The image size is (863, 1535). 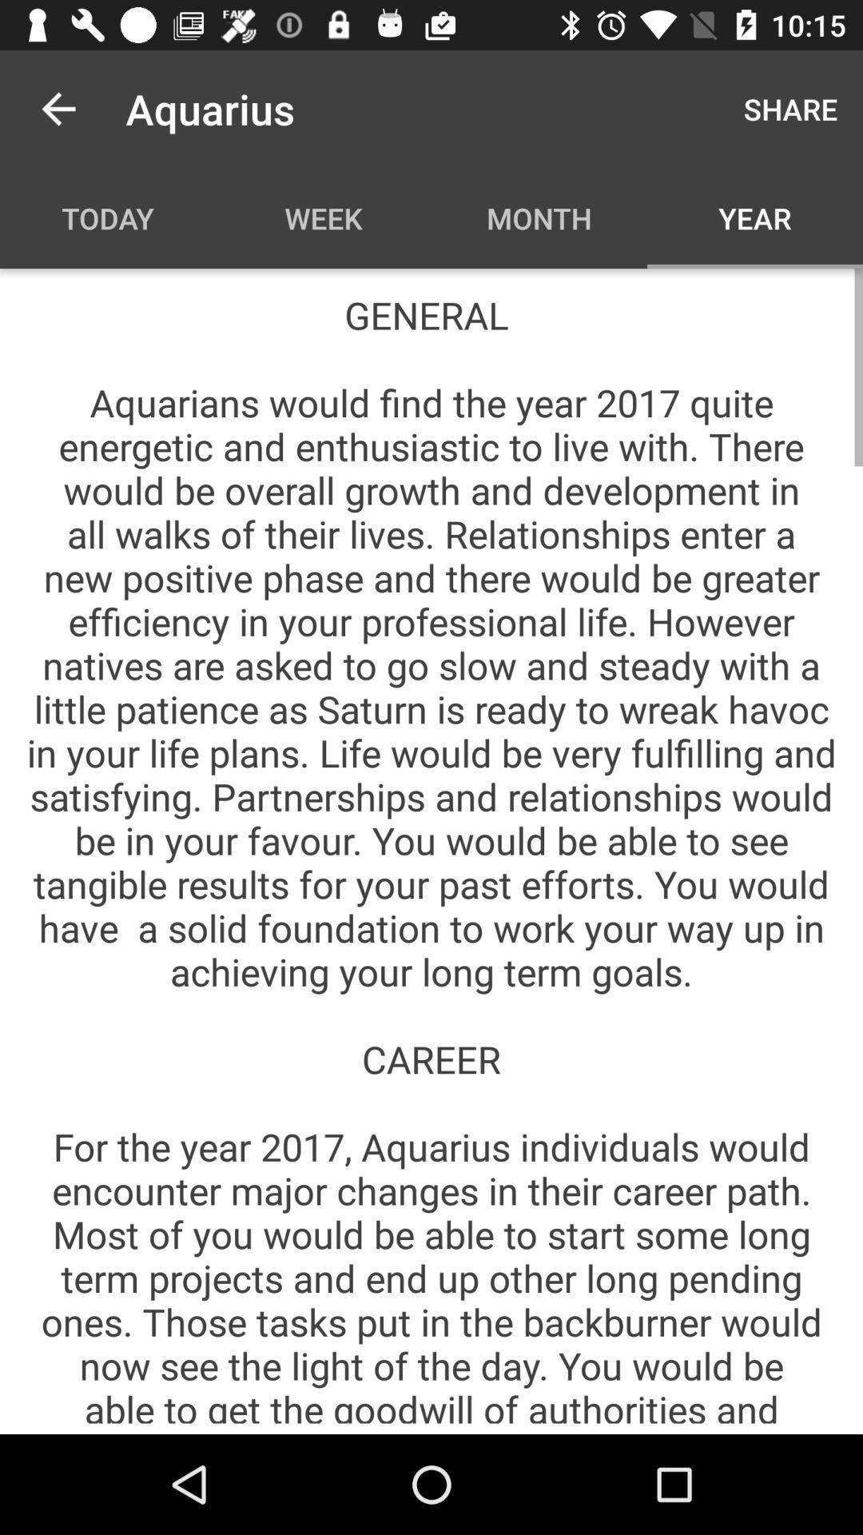 I want to click on the item to the left of the aquarius app, so click(x=58, y=108).